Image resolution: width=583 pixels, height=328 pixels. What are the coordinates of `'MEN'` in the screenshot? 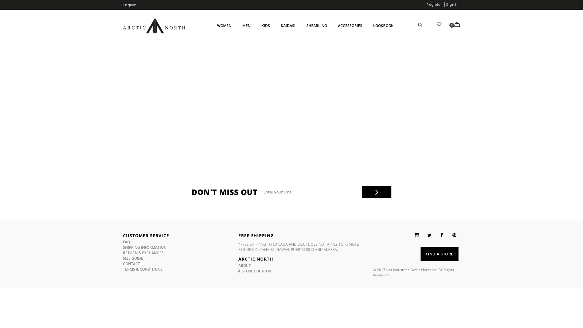 It's located at (246, 25).